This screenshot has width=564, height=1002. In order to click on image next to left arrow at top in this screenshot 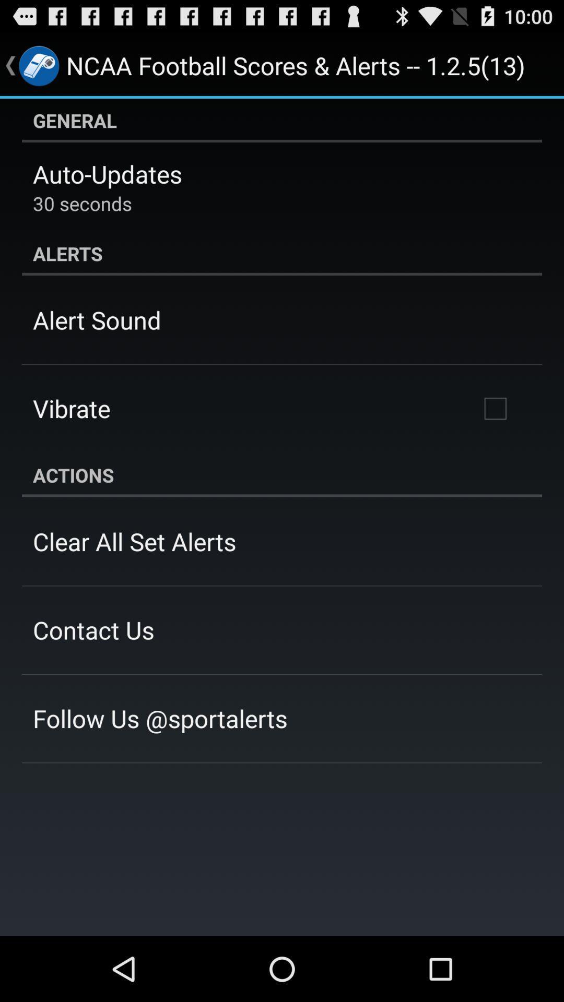, I will do `click(38, 65)`.